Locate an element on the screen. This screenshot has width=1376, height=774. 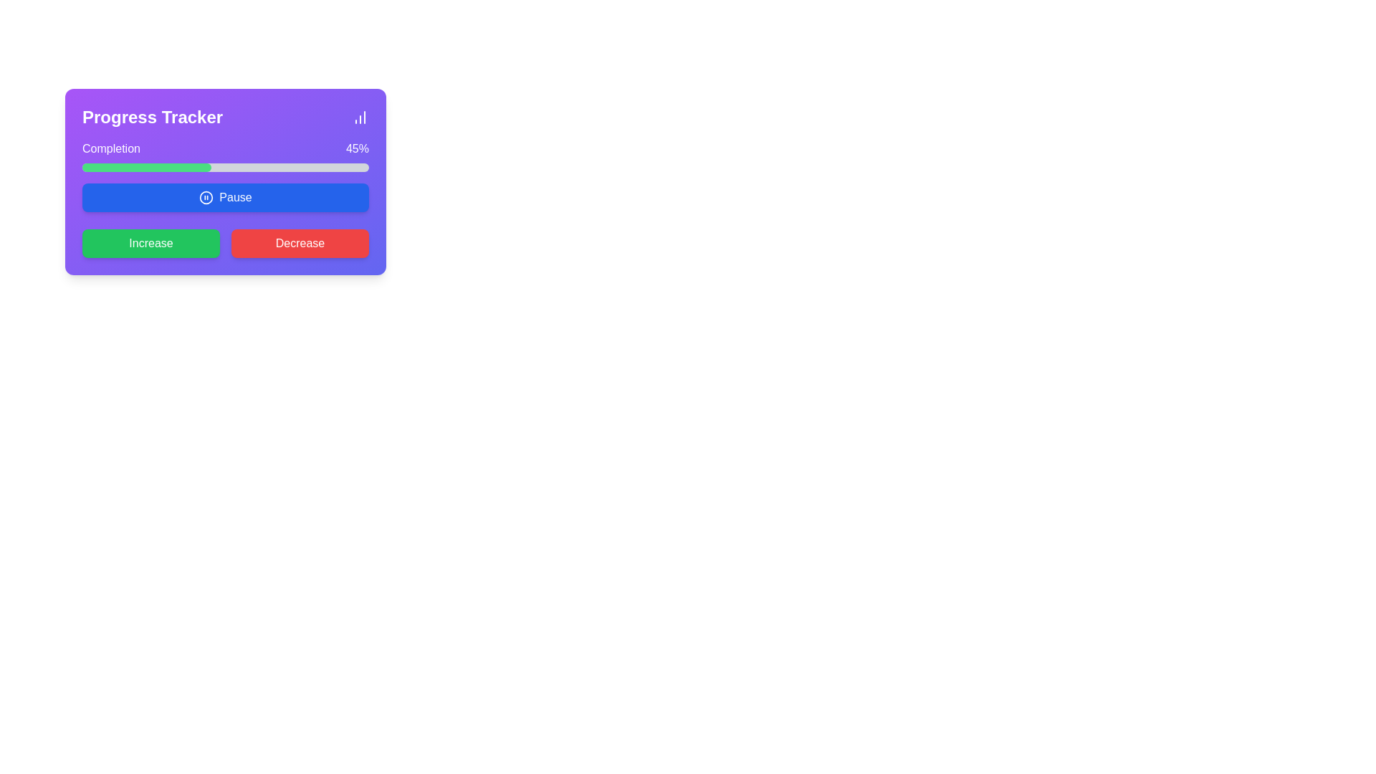
the text label displaying '45%' in white font on a purple background, indicating a completion percentage is located at coordinates (358, 149).